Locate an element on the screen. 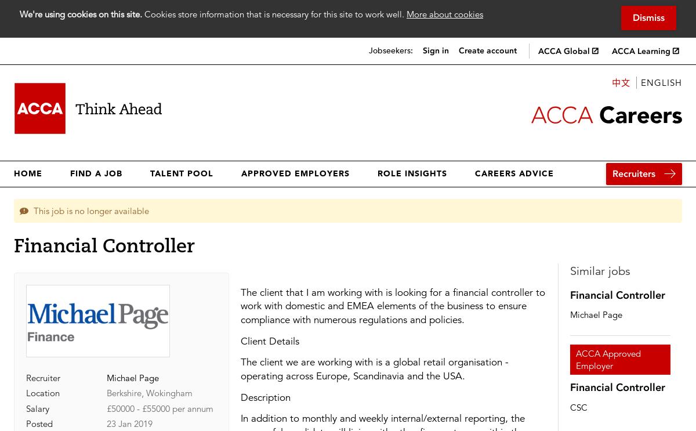 The height and width of the screenshot is (431, 696). 'Location' is located at coordinates (43, 392).